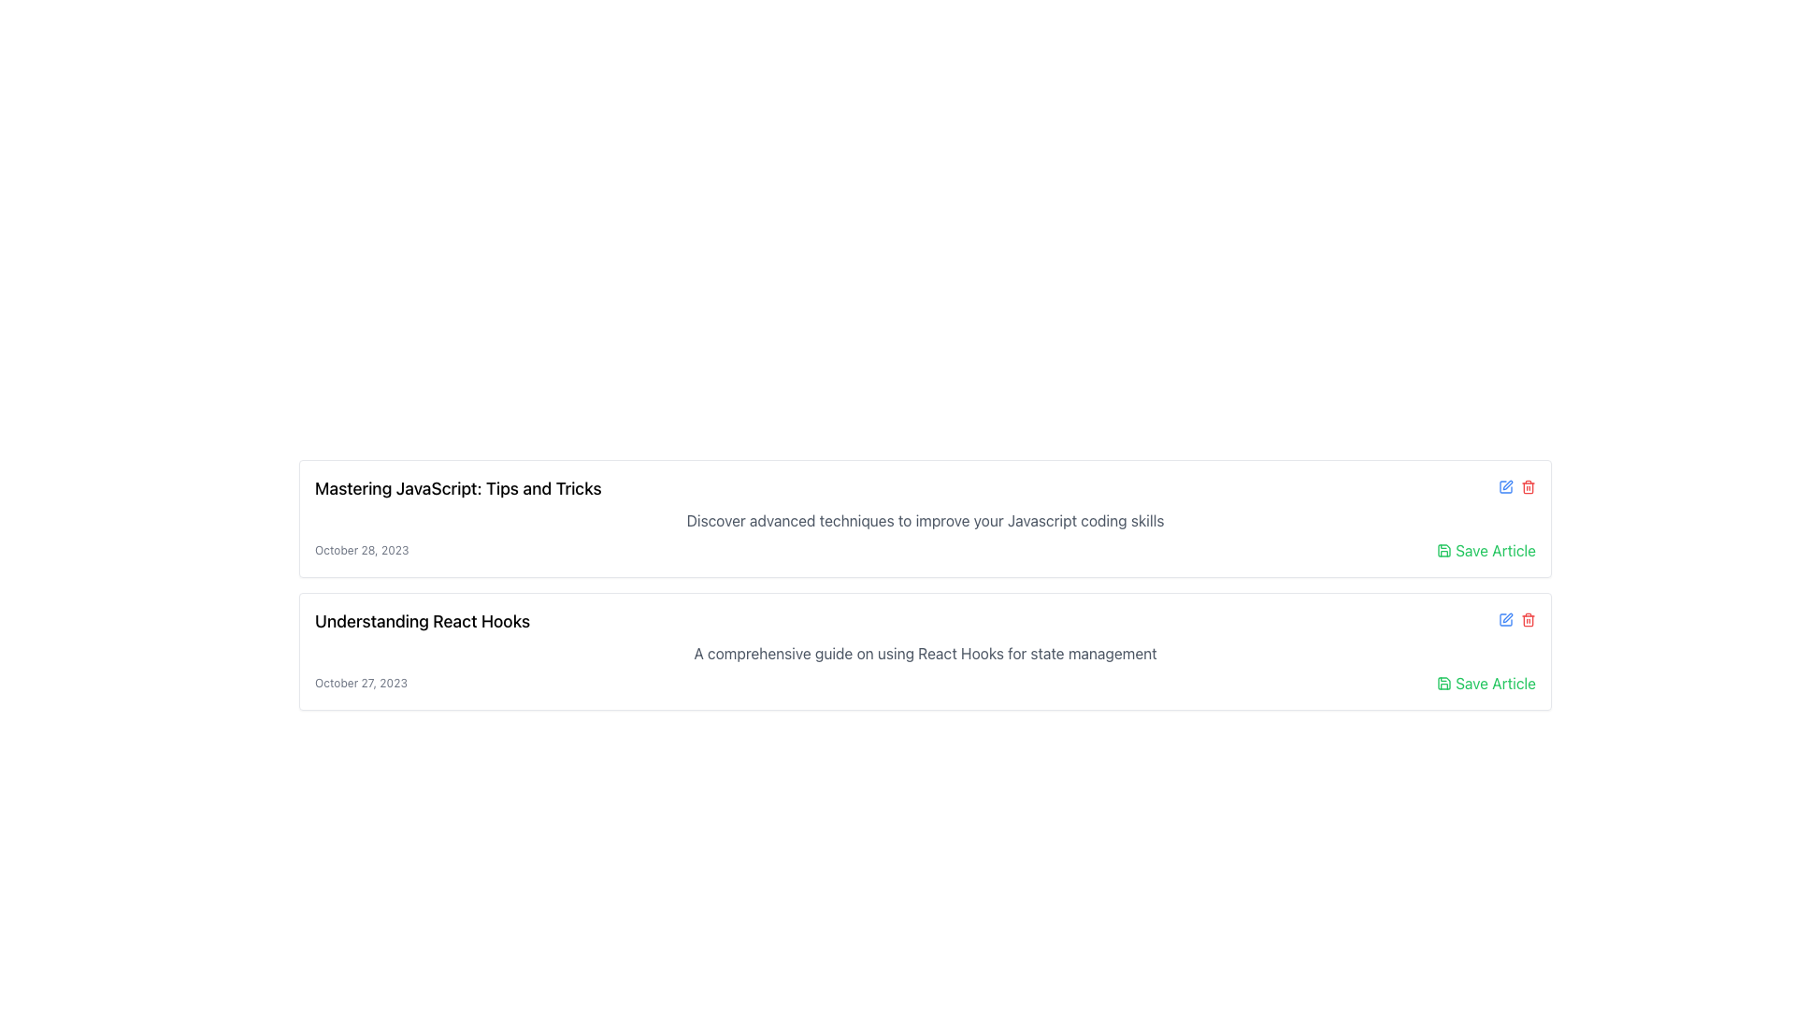  I want to click on the red trash icon button located at the bottom right of the article card to trigger the hover effect, so click(1529, 620).